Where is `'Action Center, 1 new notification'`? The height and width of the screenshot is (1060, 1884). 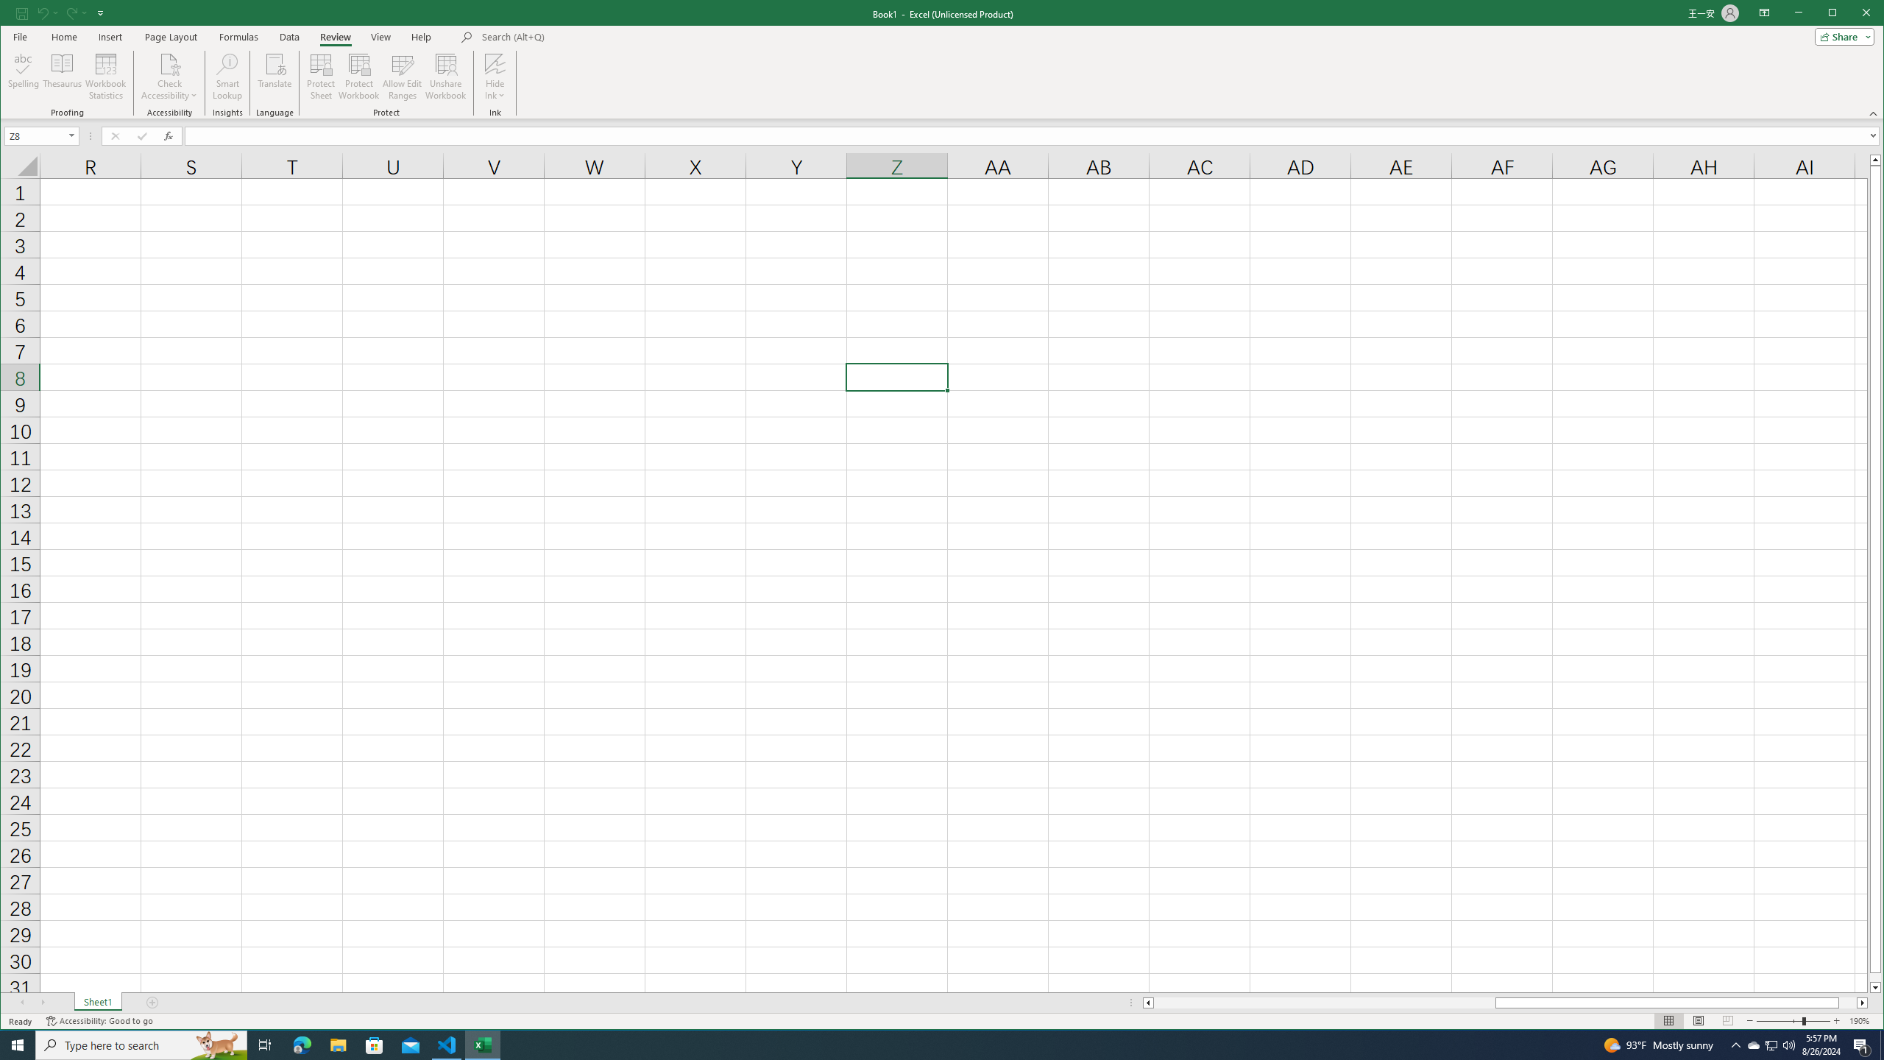 'Action Center, 1 new notification' is located at coordinates (1862, 1044).